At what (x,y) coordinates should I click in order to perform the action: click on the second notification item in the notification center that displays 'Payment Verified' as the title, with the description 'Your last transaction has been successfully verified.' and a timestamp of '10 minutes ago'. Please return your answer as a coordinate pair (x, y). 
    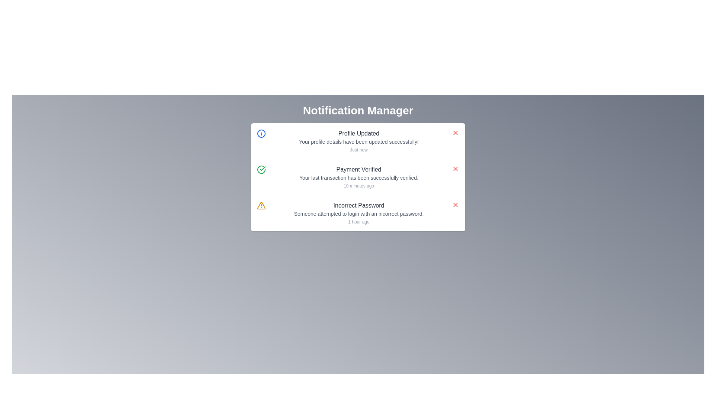
    Looking at the image, I should click on (358, 177).